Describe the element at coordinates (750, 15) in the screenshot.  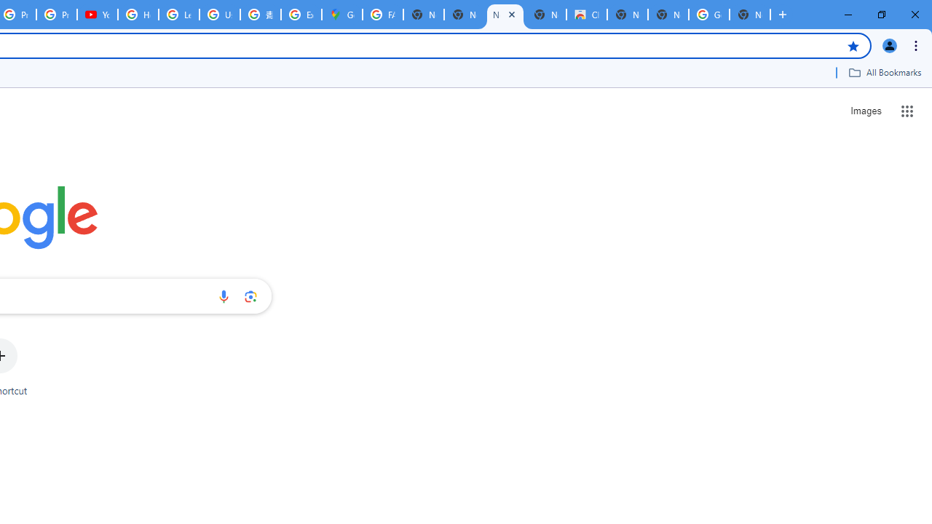
I see `'New Tab'` at that location.